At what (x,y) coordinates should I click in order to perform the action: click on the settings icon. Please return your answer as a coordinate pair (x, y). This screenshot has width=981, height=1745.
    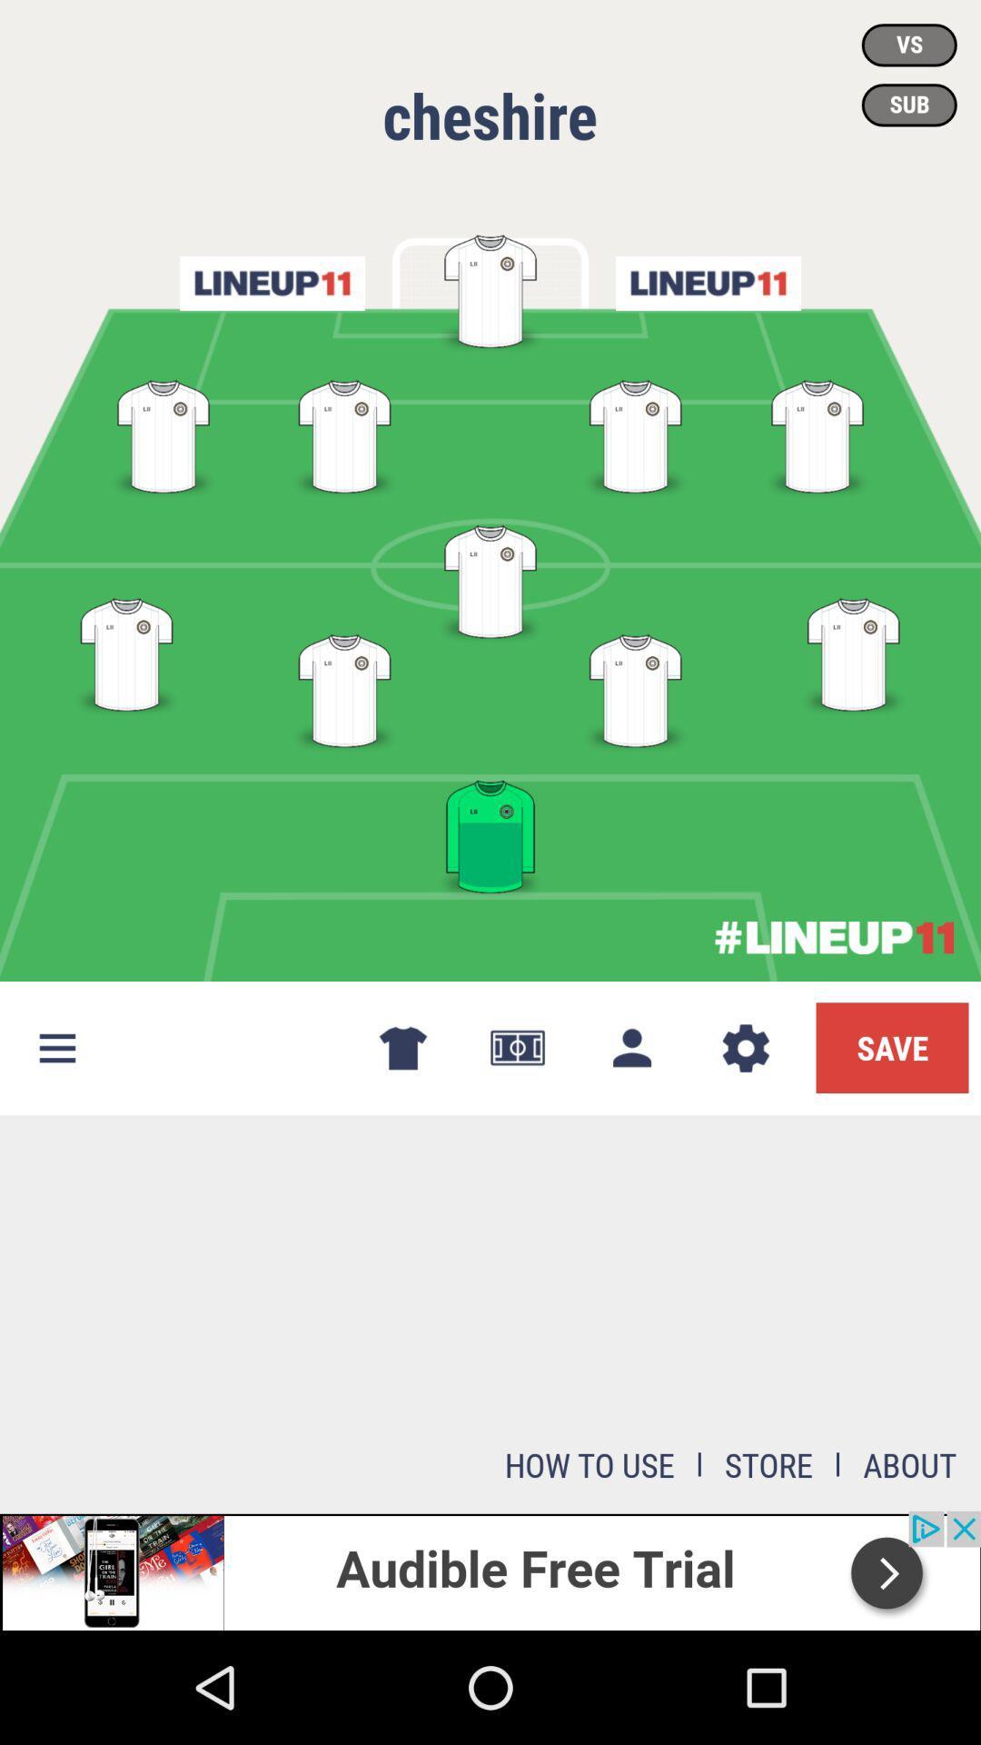
    Looking at the image, I should click on (746, 1048).